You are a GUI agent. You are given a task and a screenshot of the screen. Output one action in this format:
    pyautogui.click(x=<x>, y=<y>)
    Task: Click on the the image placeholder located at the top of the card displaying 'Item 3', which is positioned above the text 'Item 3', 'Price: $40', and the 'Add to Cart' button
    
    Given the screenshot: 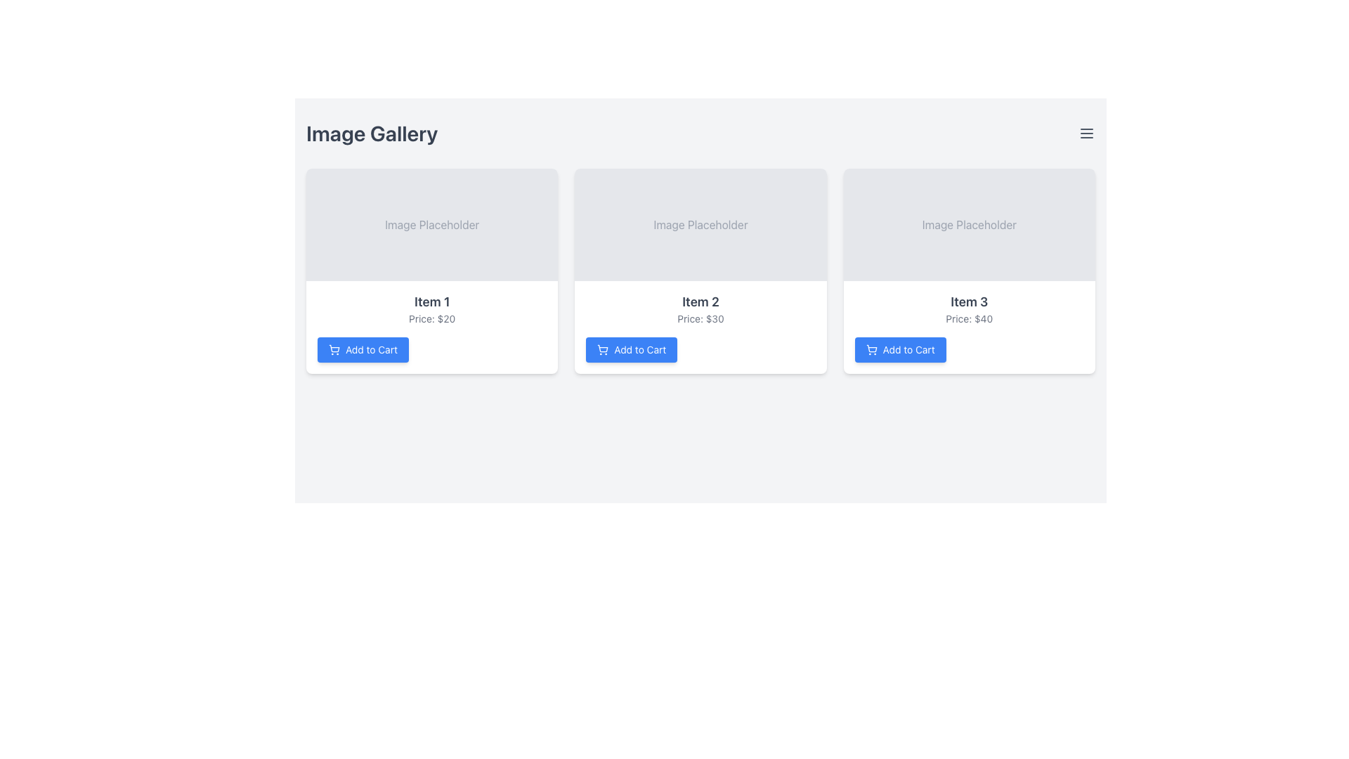 What is the action you would take?
    pyautogui.click(x=968, y=224)
    